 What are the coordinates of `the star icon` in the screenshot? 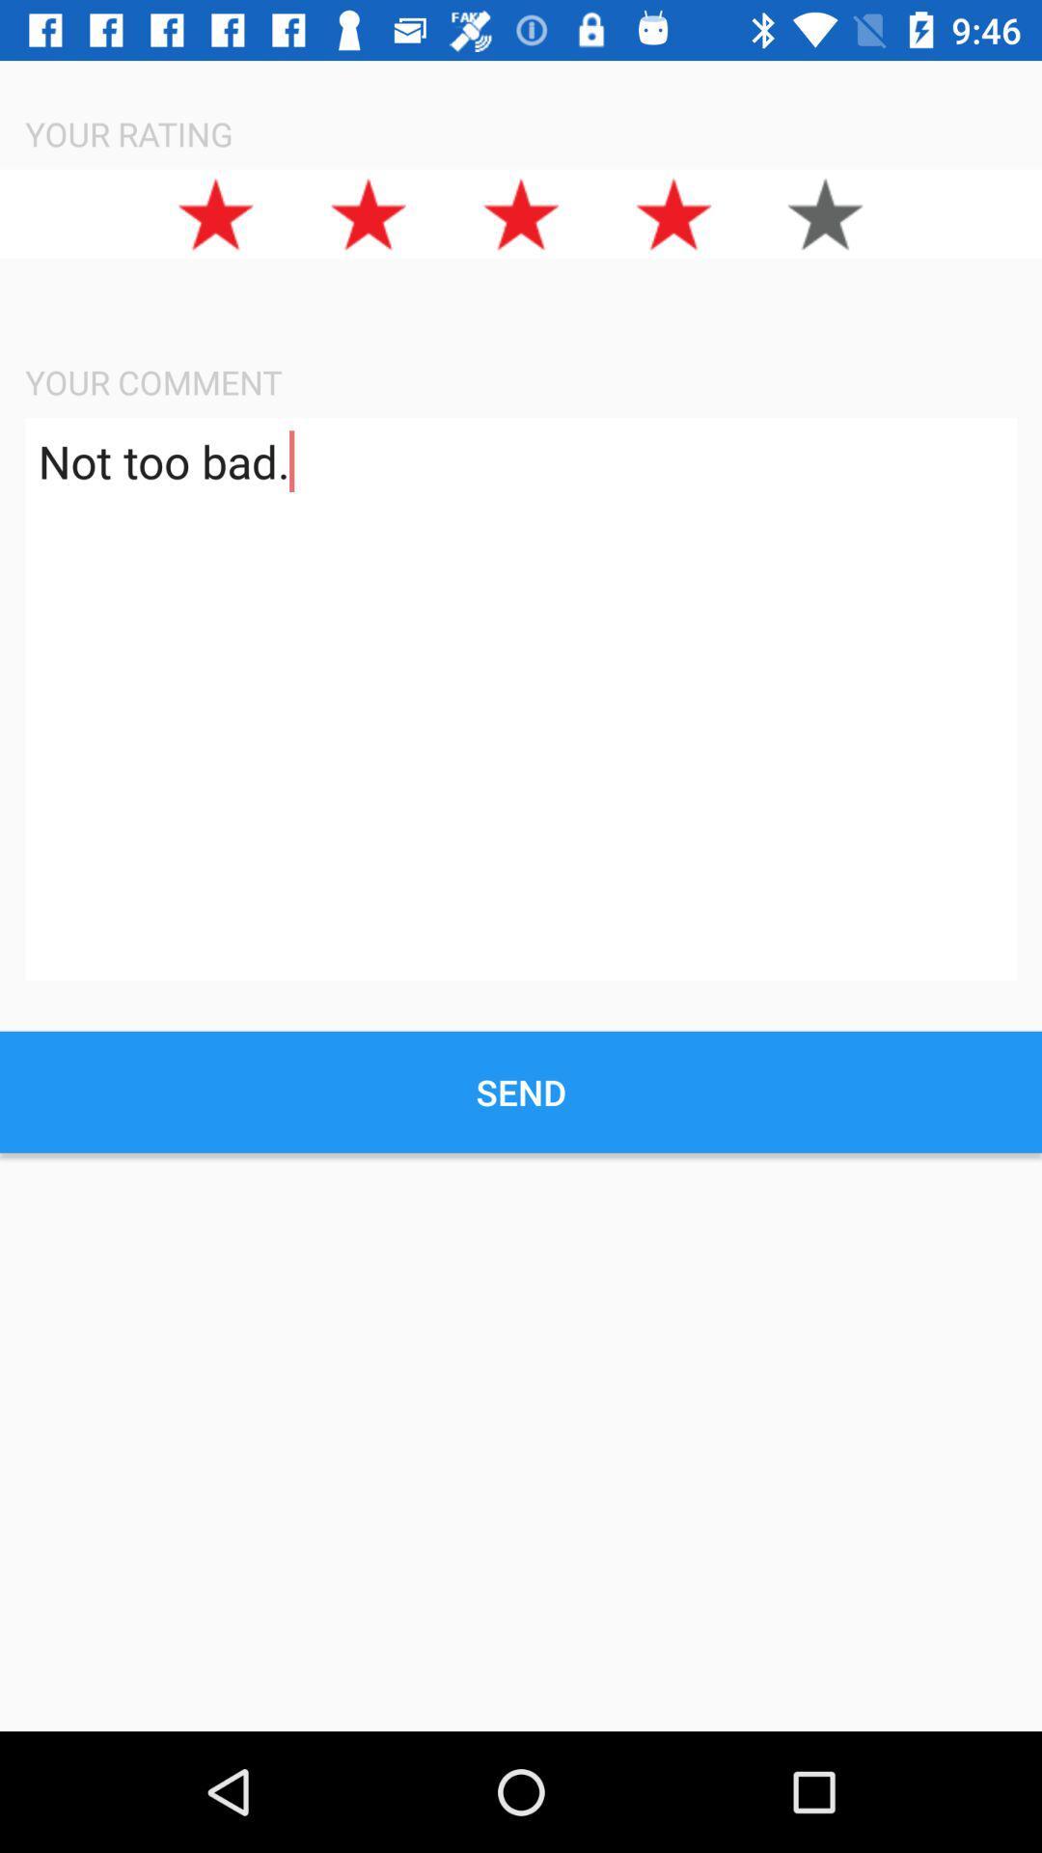 It's located at (519, 213).